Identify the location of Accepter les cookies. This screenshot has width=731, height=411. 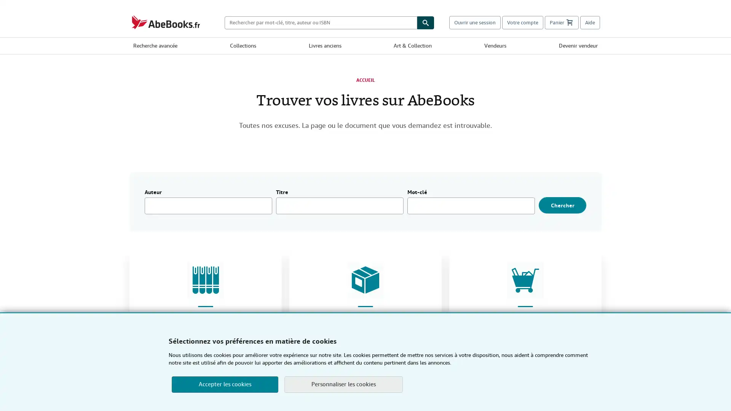
(224, 384).